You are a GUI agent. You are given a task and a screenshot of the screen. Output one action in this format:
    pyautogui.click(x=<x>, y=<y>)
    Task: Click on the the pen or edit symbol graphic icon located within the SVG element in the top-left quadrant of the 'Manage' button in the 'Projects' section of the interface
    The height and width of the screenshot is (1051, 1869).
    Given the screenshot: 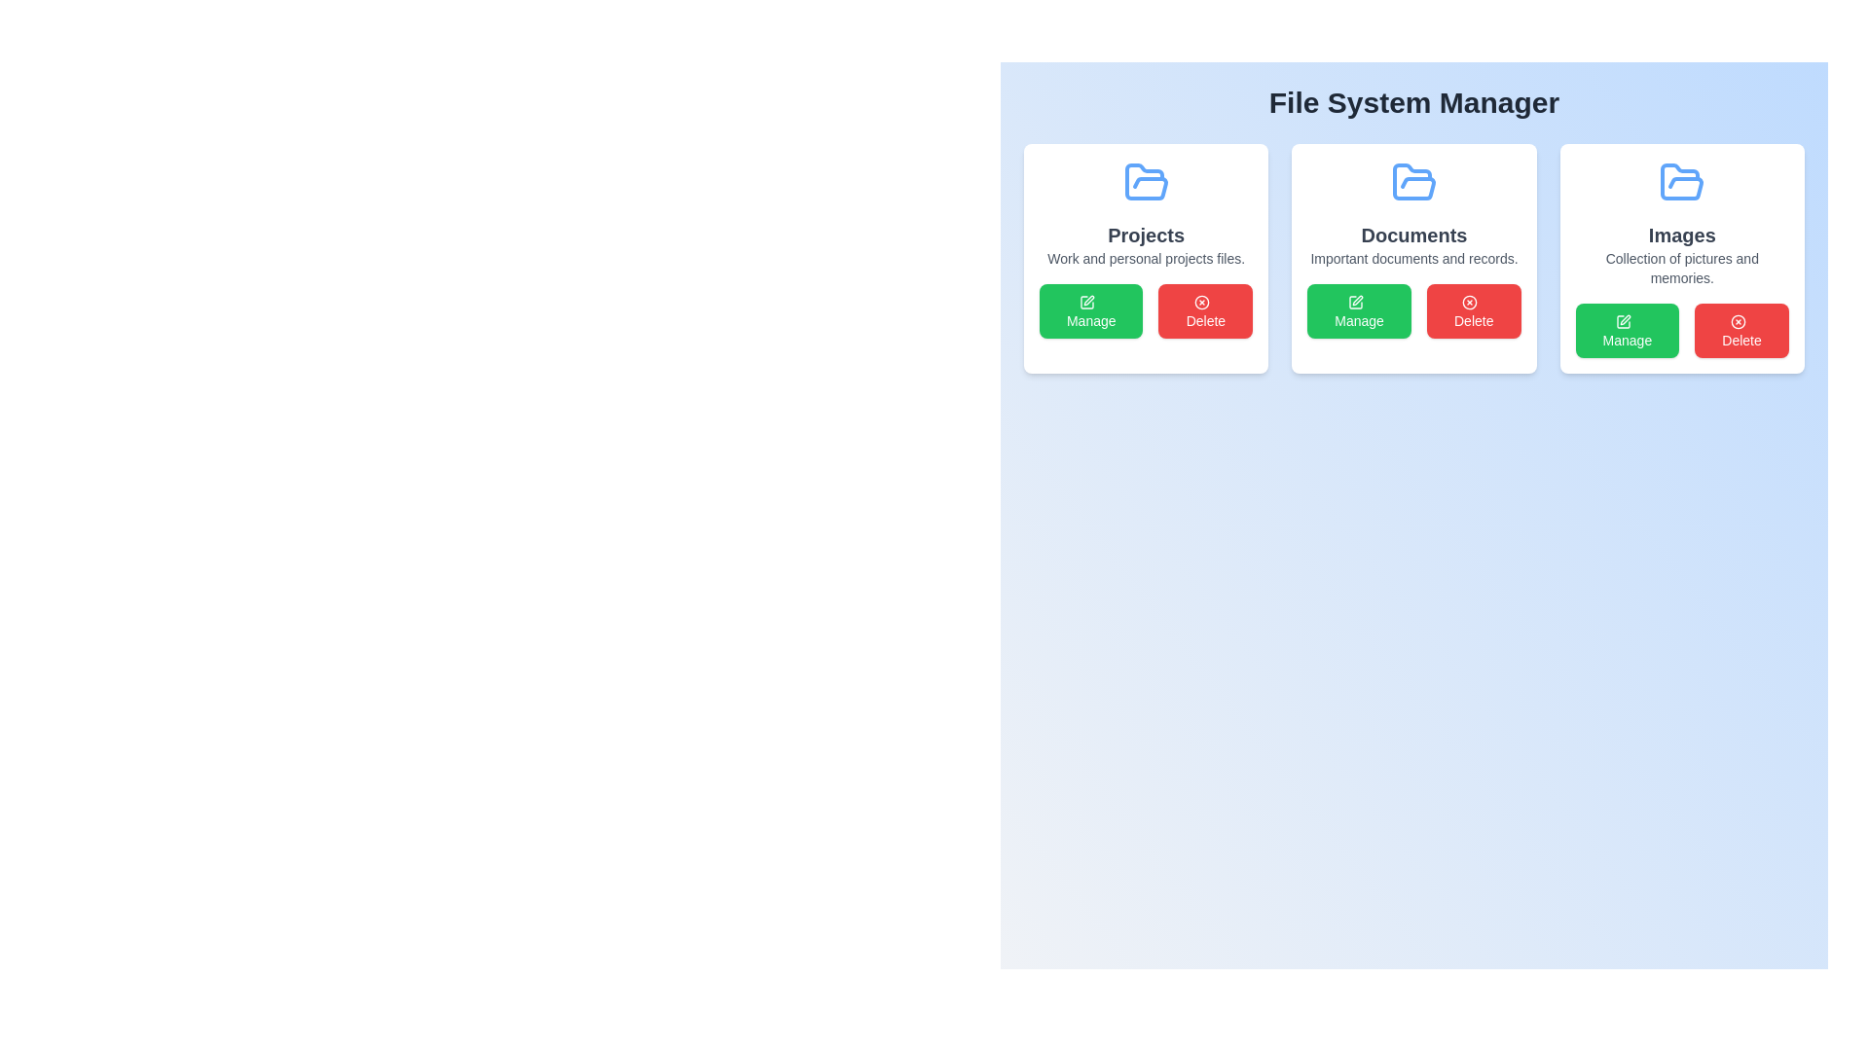 What is the action you would take?
    pyautogui.click(x=1088, y=301)
    